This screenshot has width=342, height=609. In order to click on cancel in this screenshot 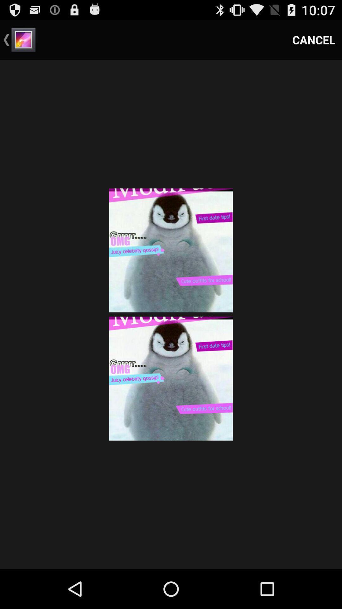, I will do `click(314, 39)`.